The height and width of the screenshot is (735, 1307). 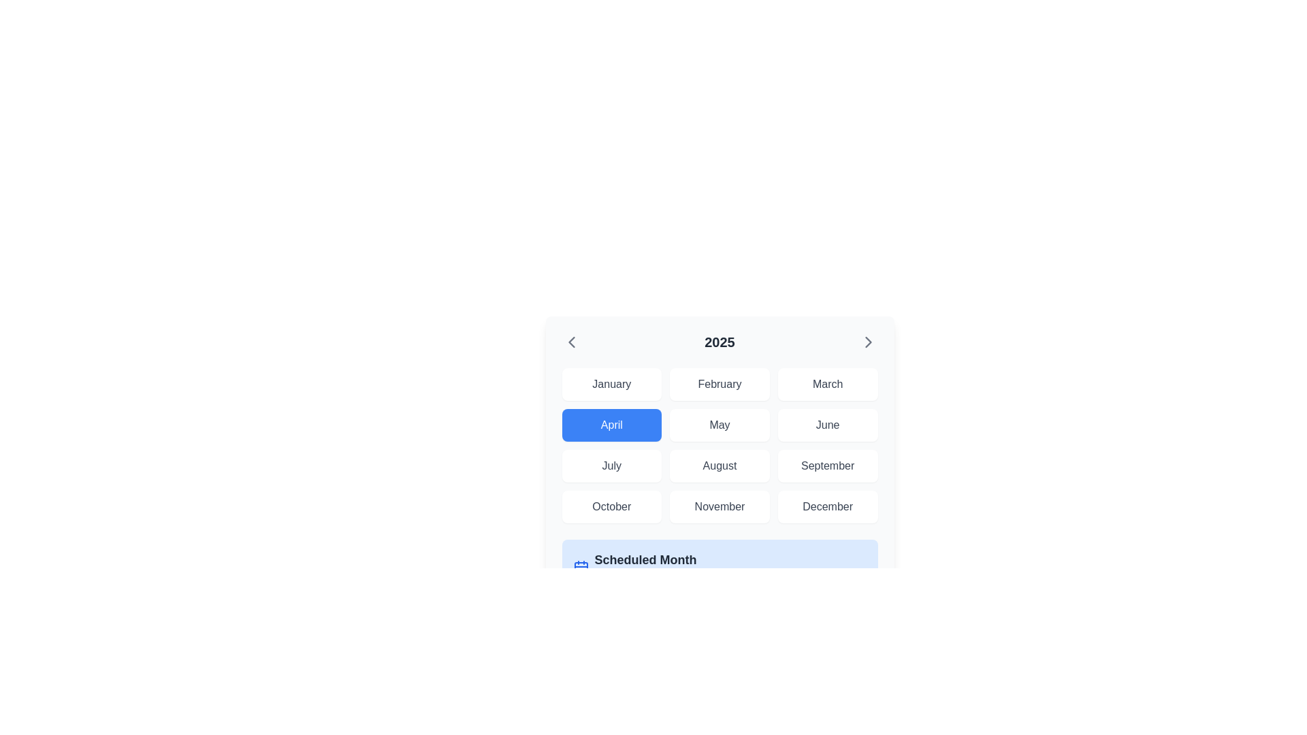 I want to click on the 'November' button, which is a rectangular button with rounded corners and a white background, so click(x=719, y=506).